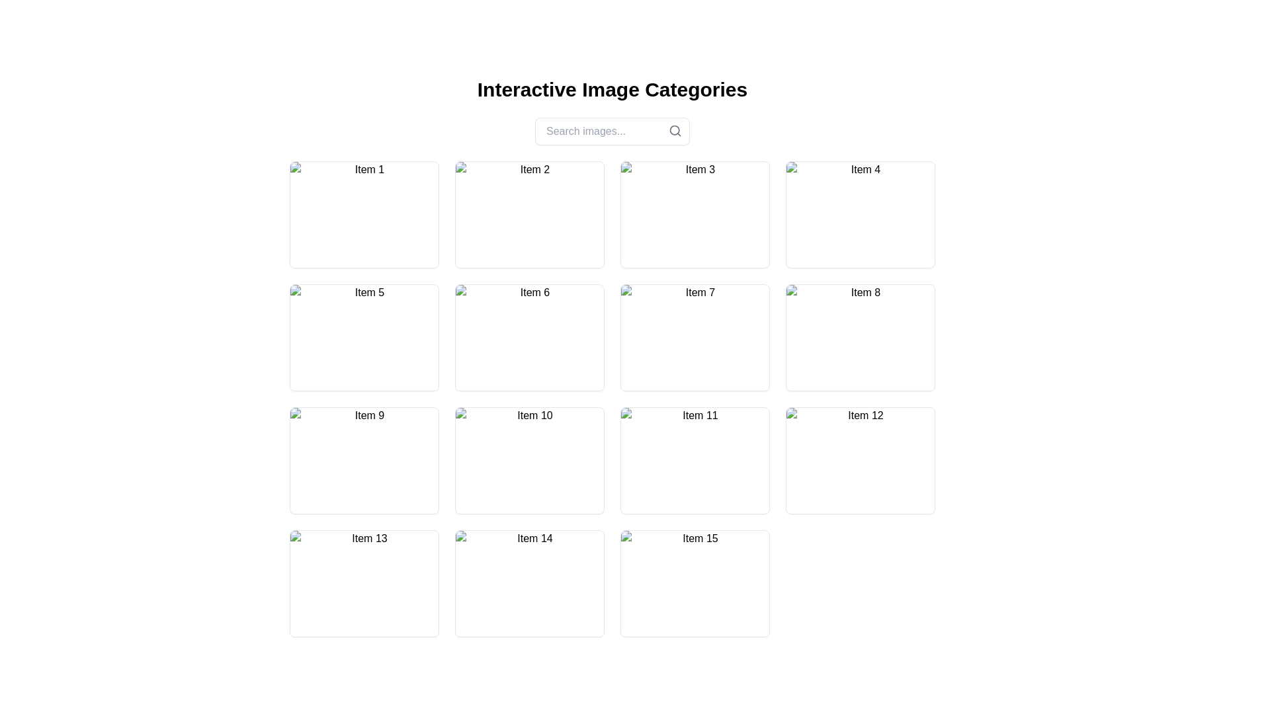  What do you see at coordinates (675, 130) in the screenshot?
I see `the circular part of the search icon that symbolizes the search function, located at the end of the search bar on the right side` at bounding box center [675, 130].